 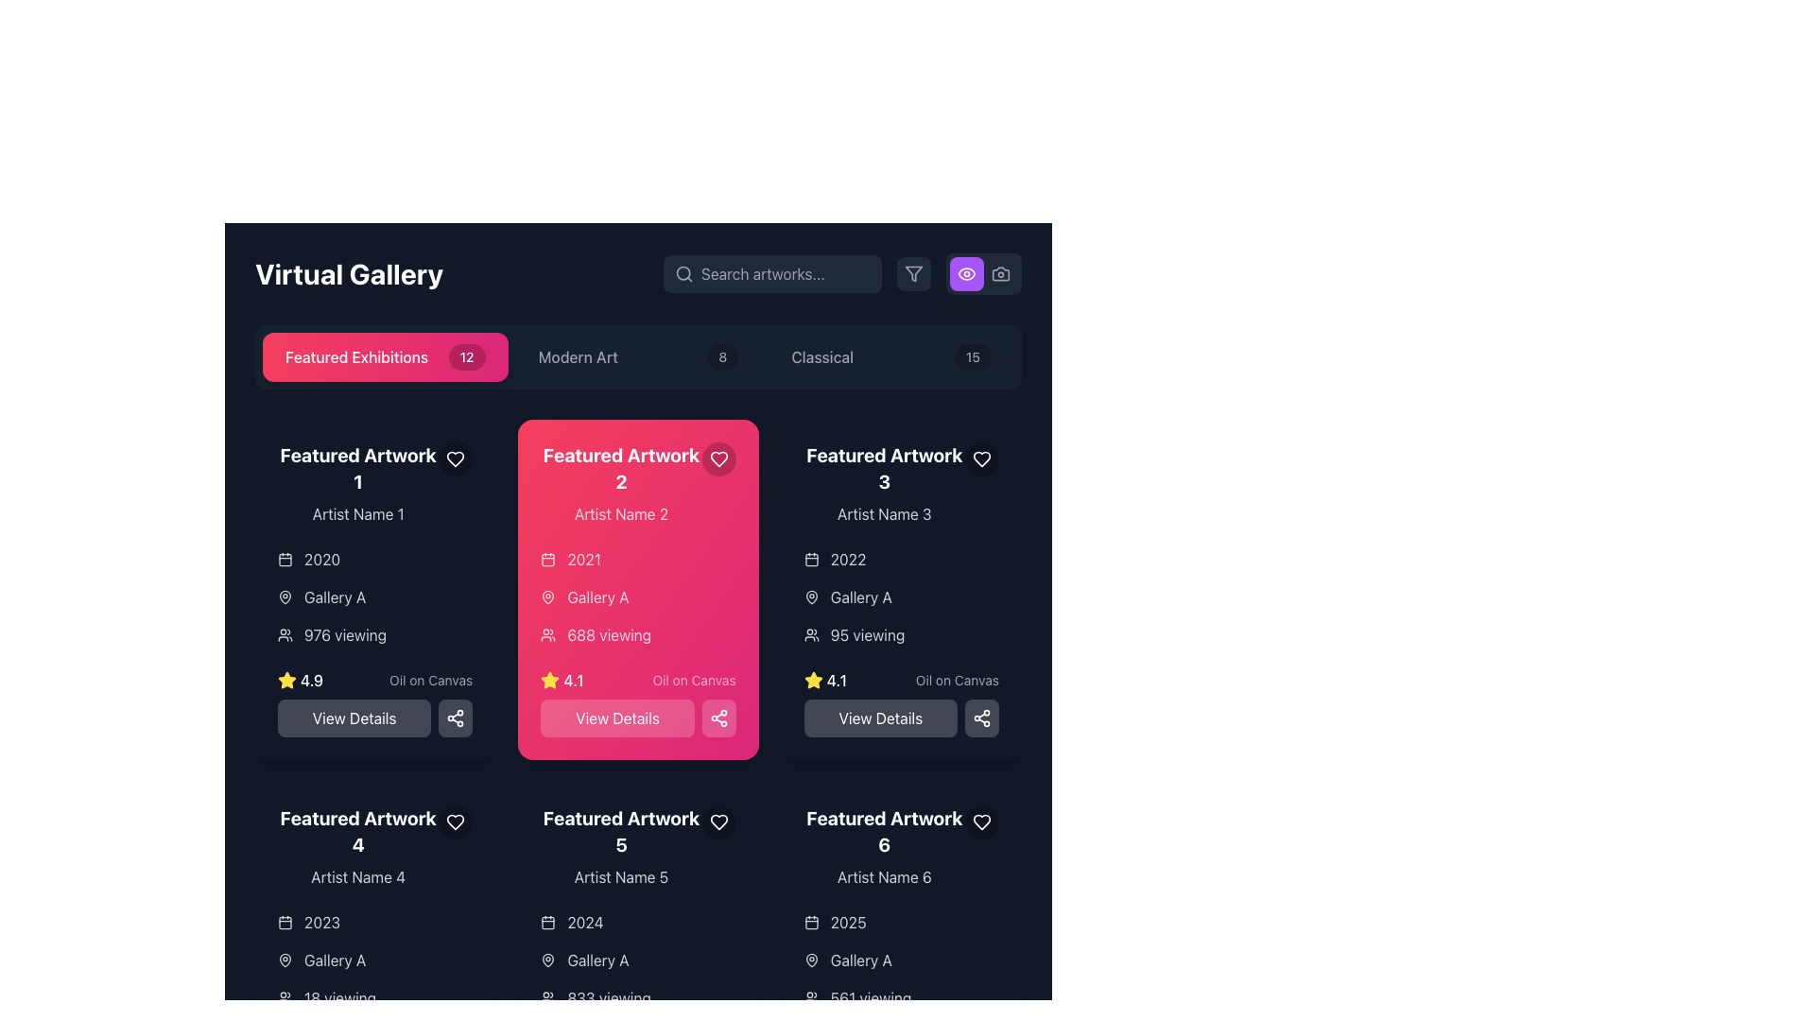 What do you see at coordinates (375, 589) in the screenshot?
I see `the artwork preview card located in the top-left position of the 'Virtual Gallery' section to possibly trigger visual effects` at bounding box center [375, 589].